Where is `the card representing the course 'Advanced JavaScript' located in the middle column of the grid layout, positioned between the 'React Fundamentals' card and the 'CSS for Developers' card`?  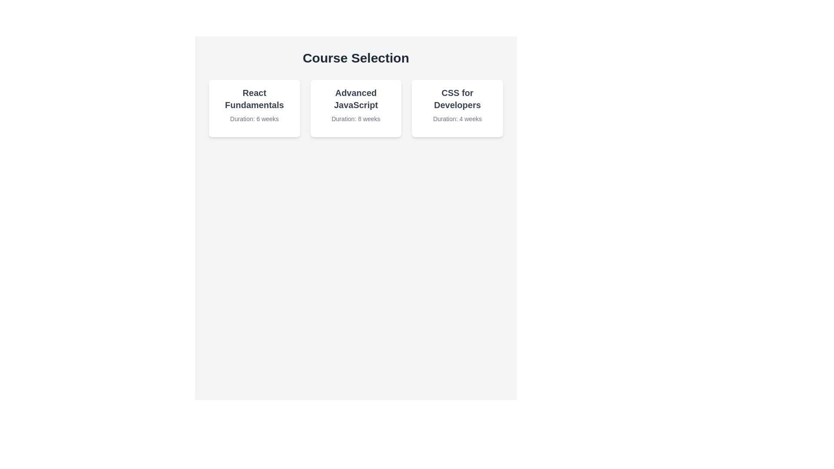 the card representing the course 'Advanced JavaScript' located in the middle column of the grid layout, positioned between the 'React Fundamentals' card and the 'CSS for Developers' card is located at coordinates (356, 108).